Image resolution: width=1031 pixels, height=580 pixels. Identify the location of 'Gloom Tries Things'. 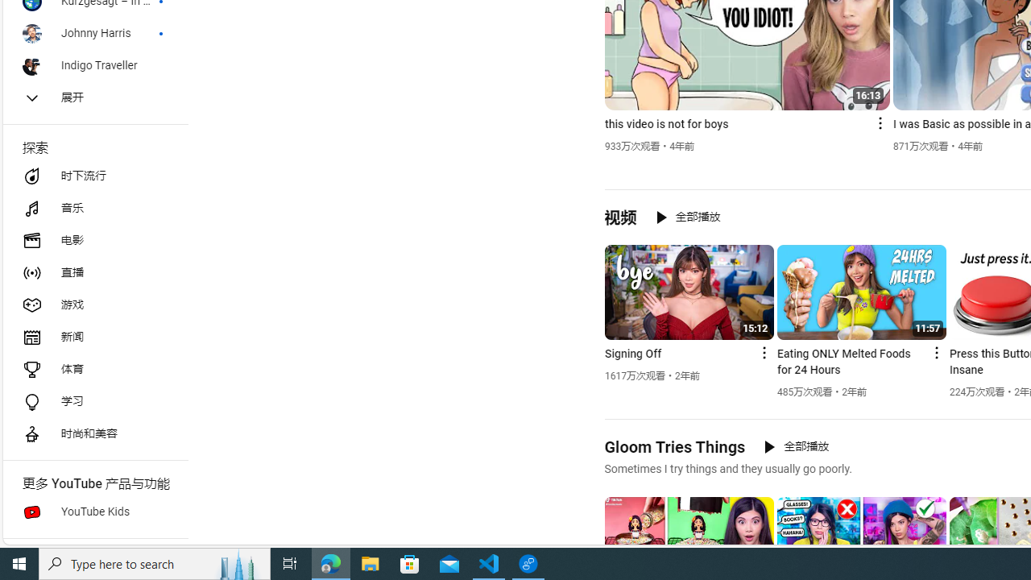
(674, 446).